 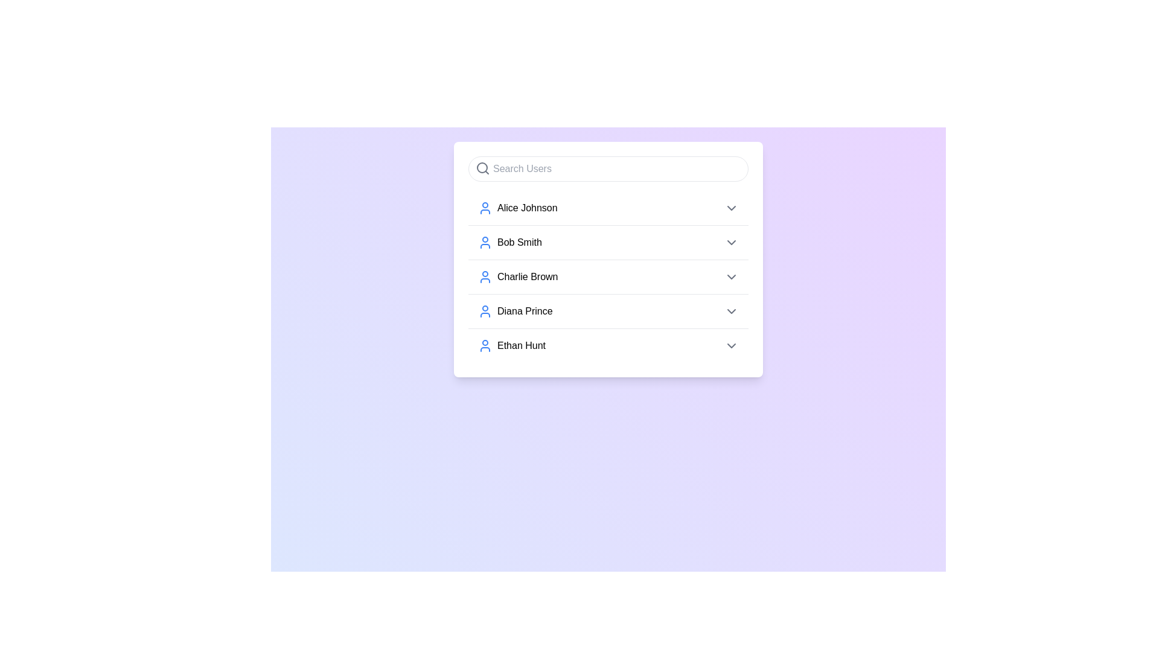 I want to click on the third selectable list item containing the user name 'Charlie Brown', so click(x=608, y=276).